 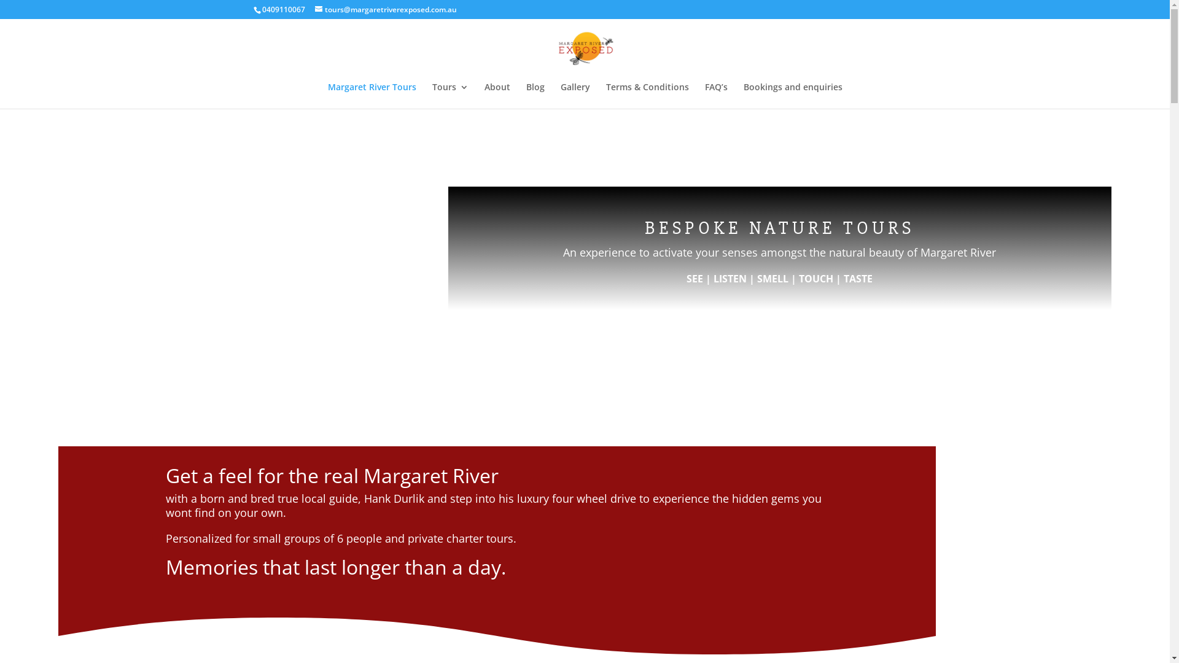 What do you see at coordinates (371, 95) in the screenshot?
I see `'Margaret River Tours'` at bounding box center [371, 95].